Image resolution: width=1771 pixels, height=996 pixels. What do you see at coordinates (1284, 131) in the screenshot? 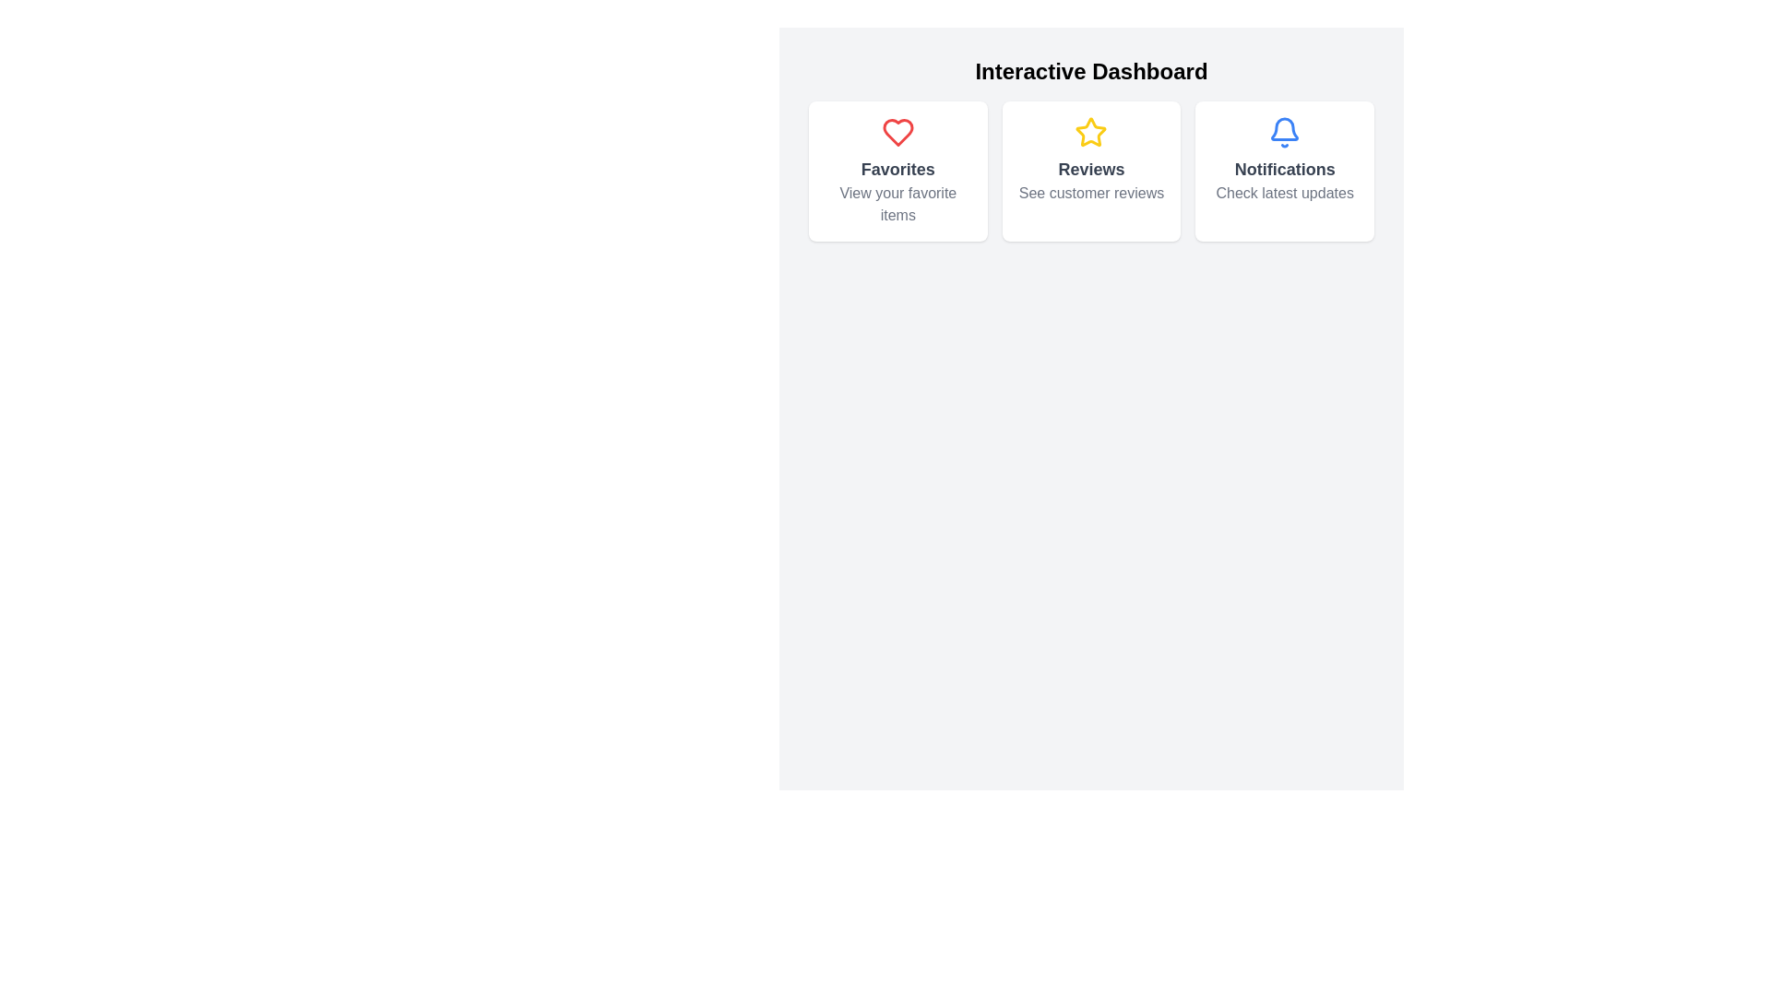
I see `the bell-shaped Notifications icon located in the top-right section of the interface` at bounding box center [1284, 131].